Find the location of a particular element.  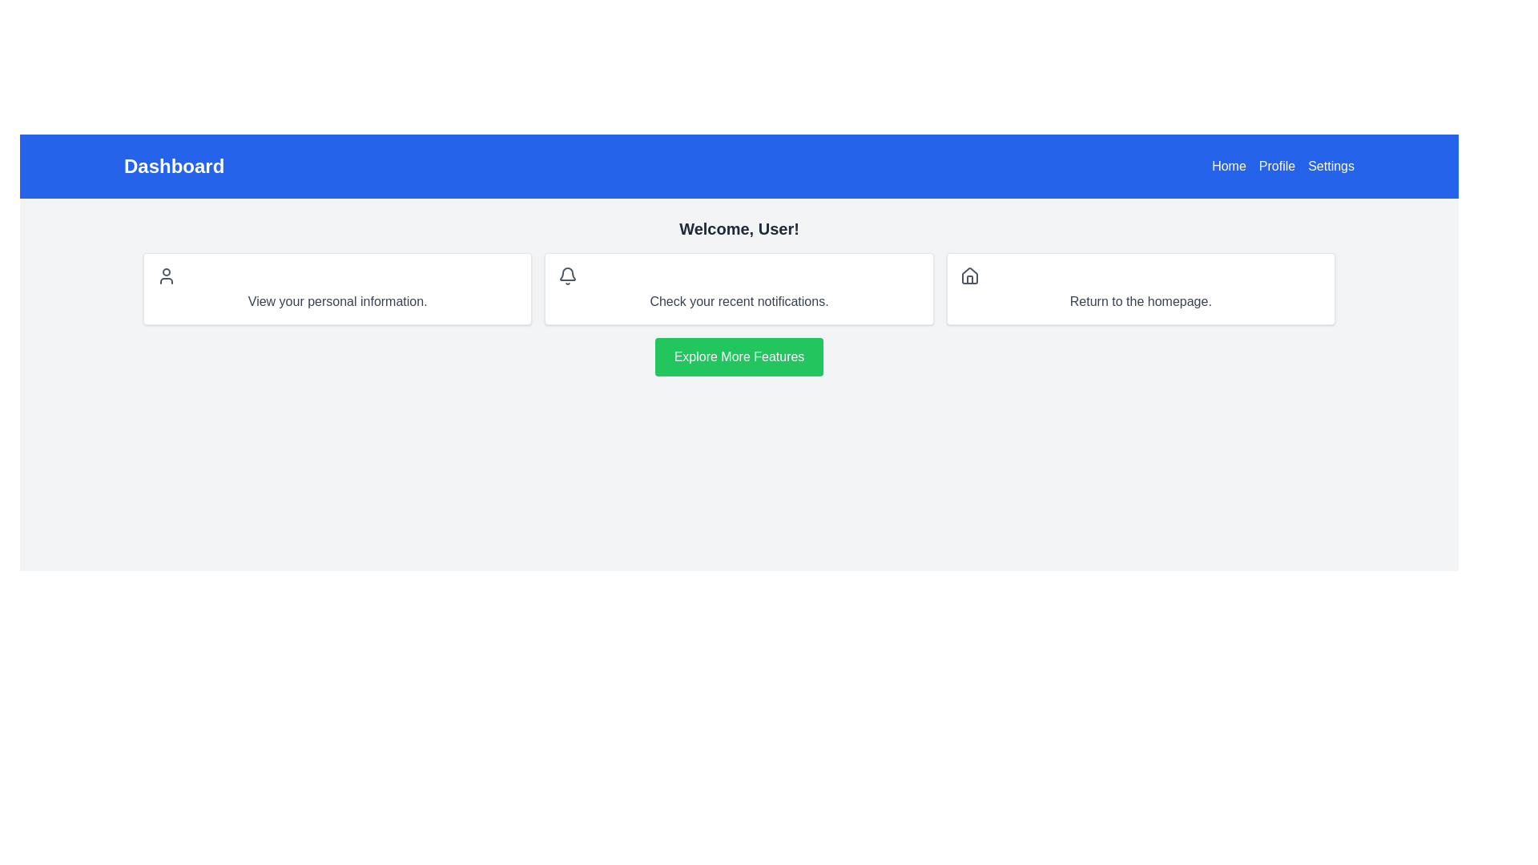

the gray bell icon indicating notifications, located at the top of the card with the text 'Check your recent notifications.' is located at coordinates (568, 275).